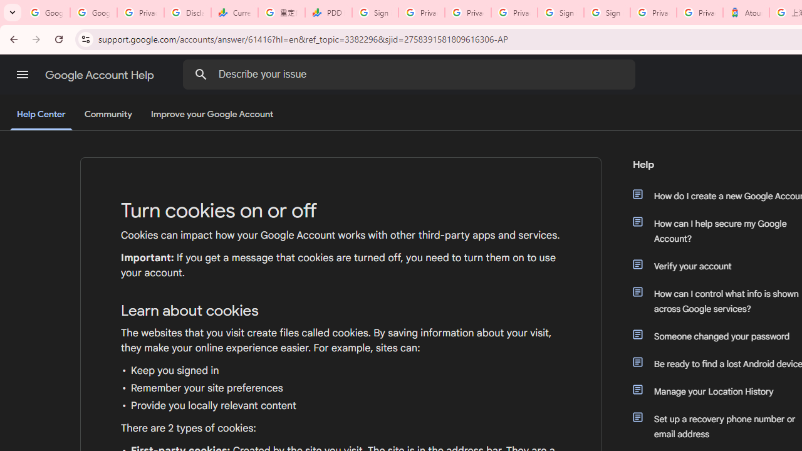 This screenshot has width=802, height=451. I want to click on 'Atour Hotel - Google hotels', so click(746, 13).